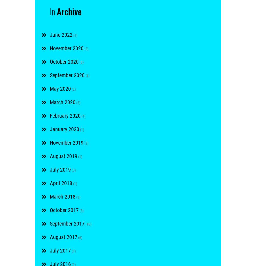  What do you see at coordinates (61, 34) in the screenshot?
I see `'June 2022'` at bounding box center [61, 34].